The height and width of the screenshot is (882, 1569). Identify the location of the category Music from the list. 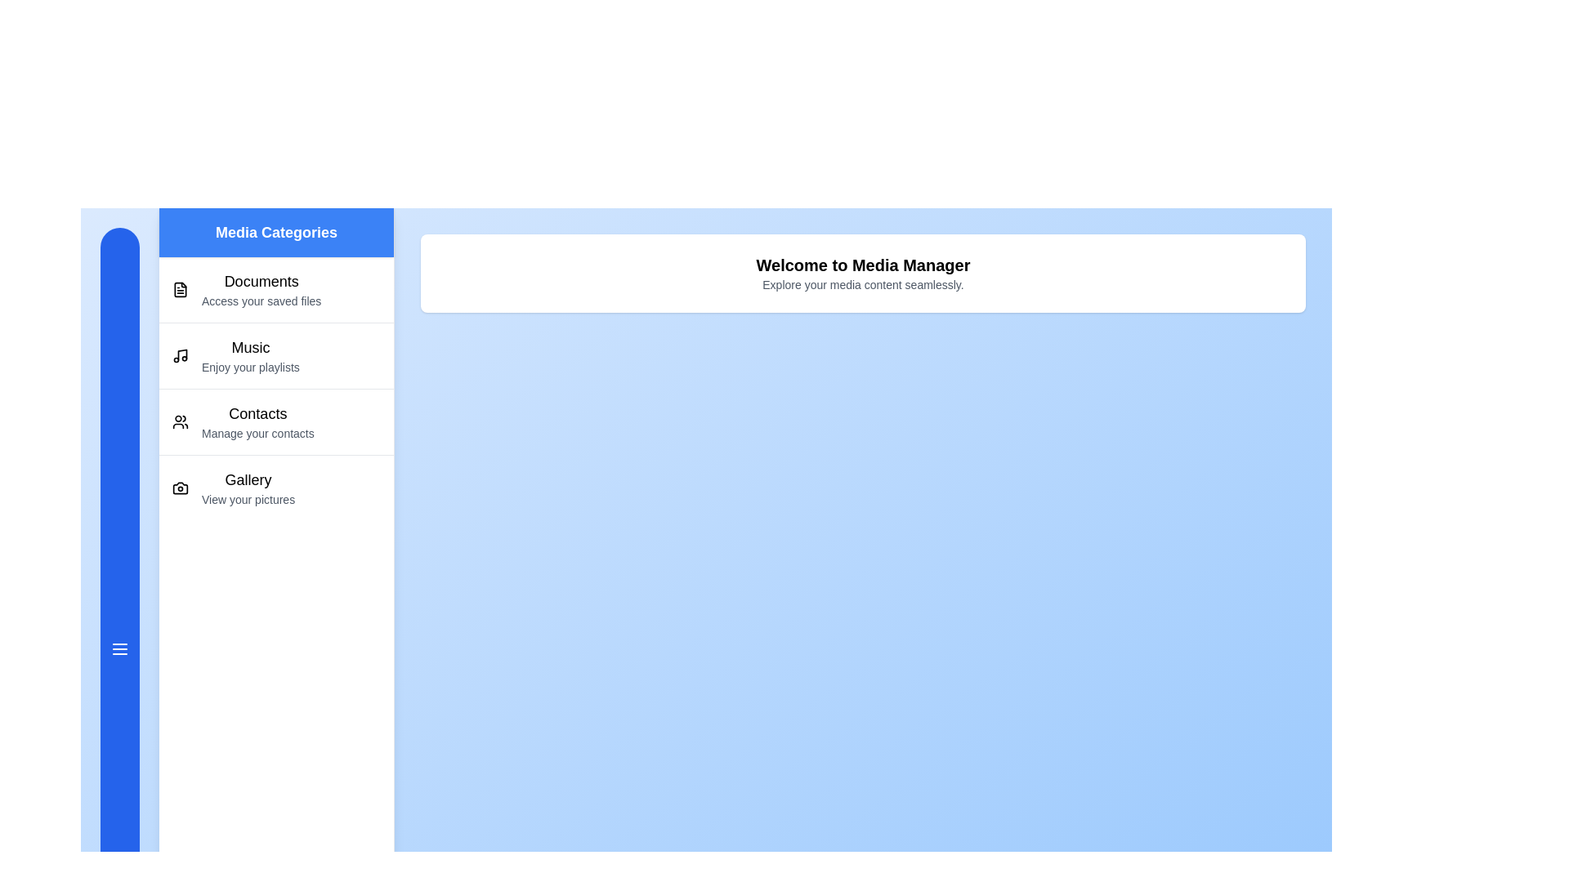
(276, 354).